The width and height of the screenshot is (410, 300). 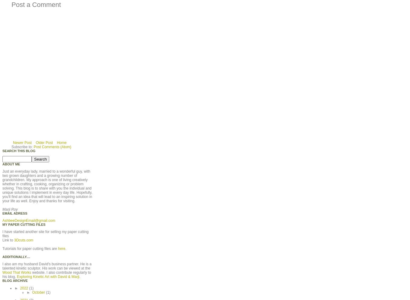 What do you see at coordinates (61, 248) in the screenshot?
I see `'here'` at bounding box center [61, 248].